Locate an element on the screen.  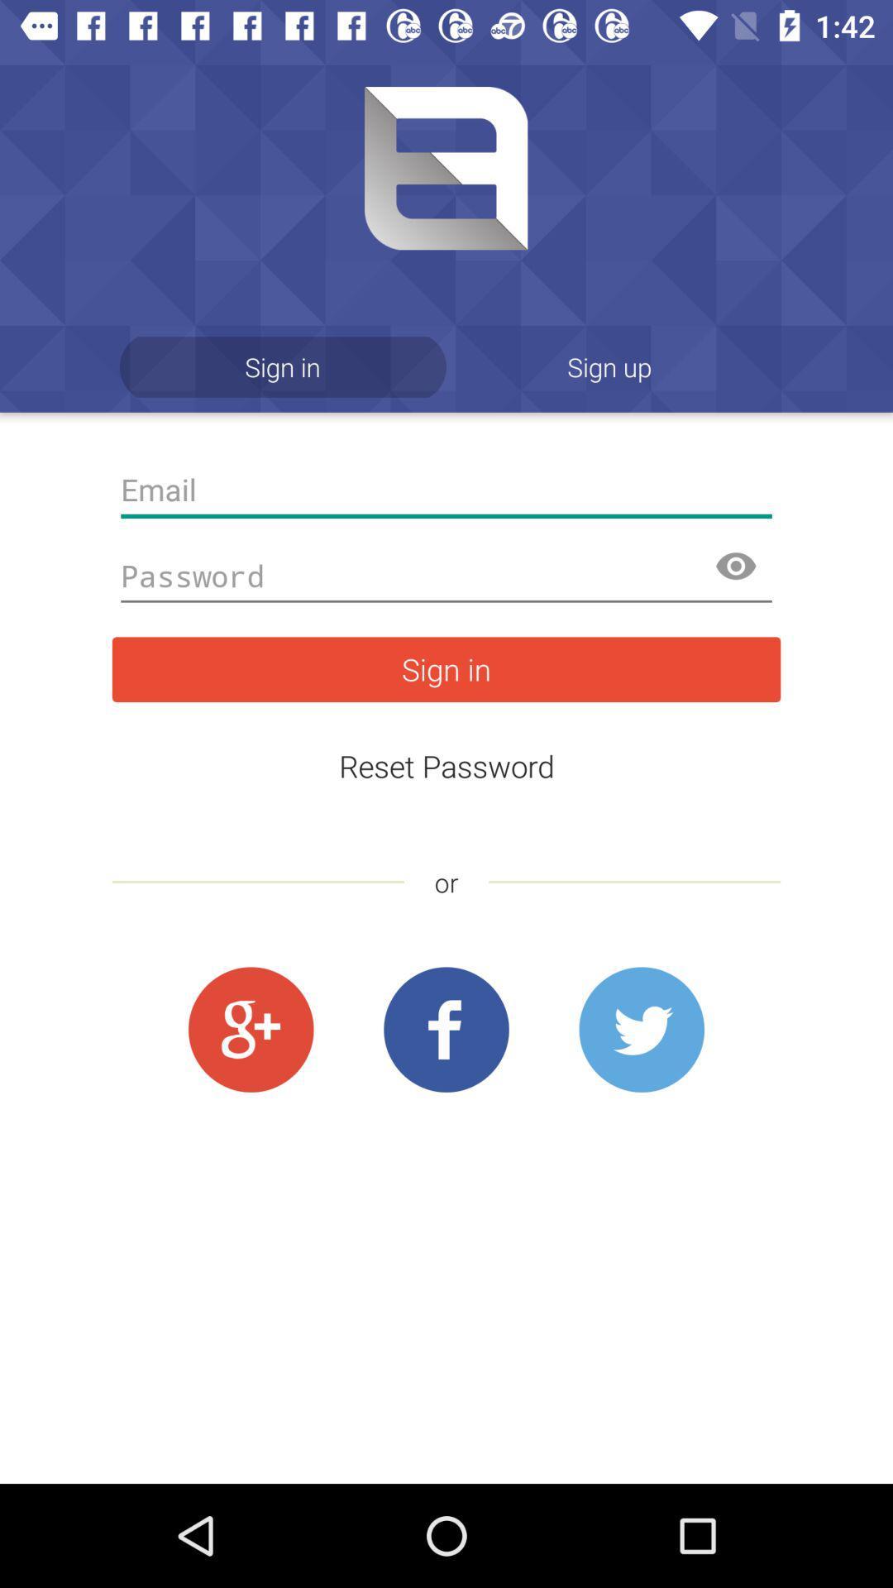
the sign up icon is located at coordinates (609, 366).